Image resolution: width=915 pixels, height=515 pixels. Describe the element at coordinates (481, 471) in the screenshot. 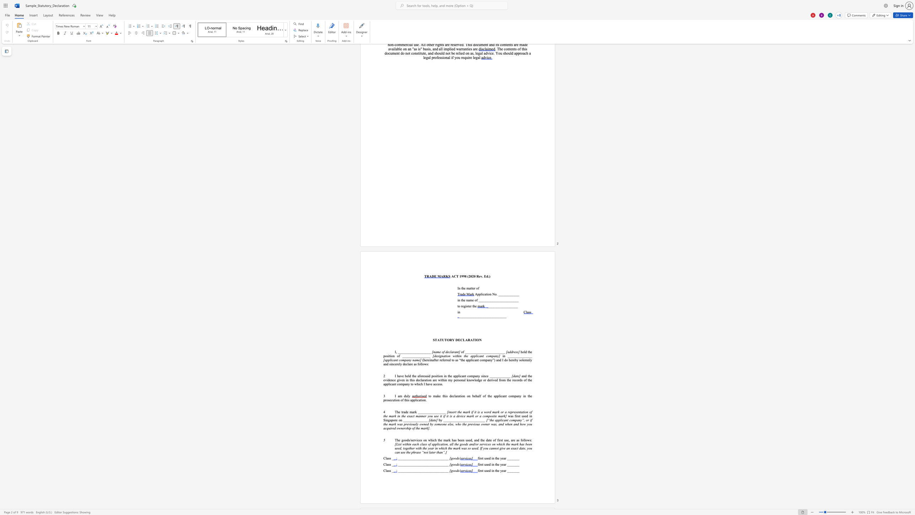

I see `the space between the continuous character "r" and "s" in the text` at that location.